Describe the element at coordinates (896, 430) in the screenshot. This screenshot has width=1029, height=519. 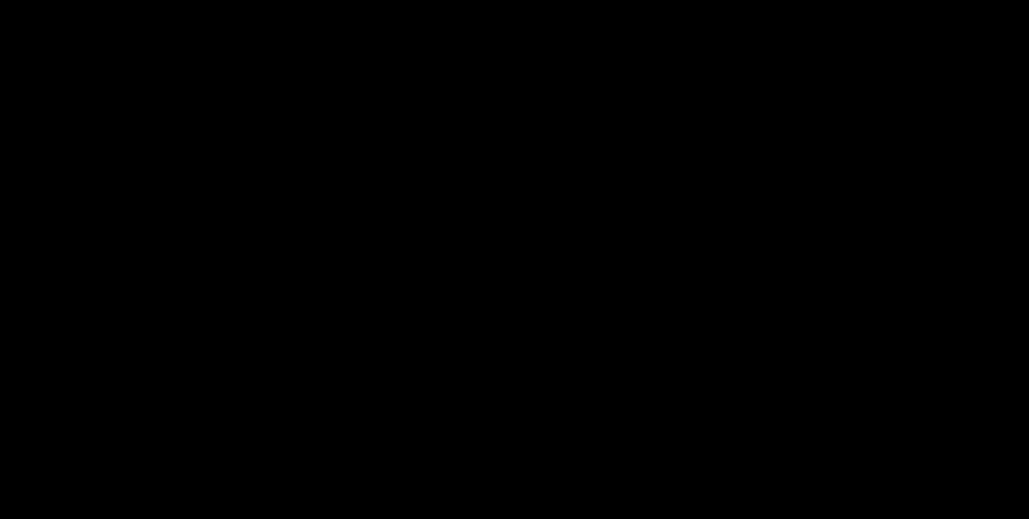
I see `'Beer Talk'` at that location.